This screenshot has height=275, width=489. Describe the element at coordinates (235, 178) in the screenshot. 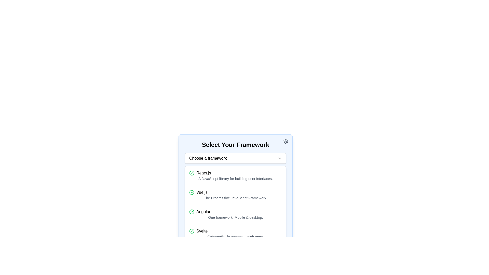

I see `descriptive text label that states 'A JavaScript library for building user interfaces.' located beneath the title 'React.js' in the 'Select Your Framework' section` at that location.